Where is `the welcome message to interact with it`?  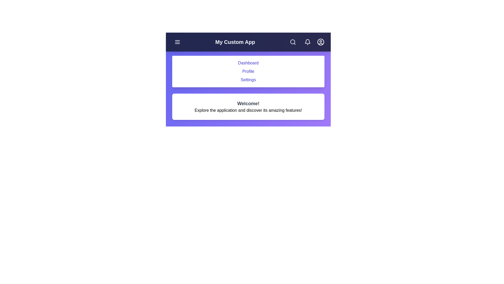 the welcome message to interact with it is located at coordinates (248, 103).